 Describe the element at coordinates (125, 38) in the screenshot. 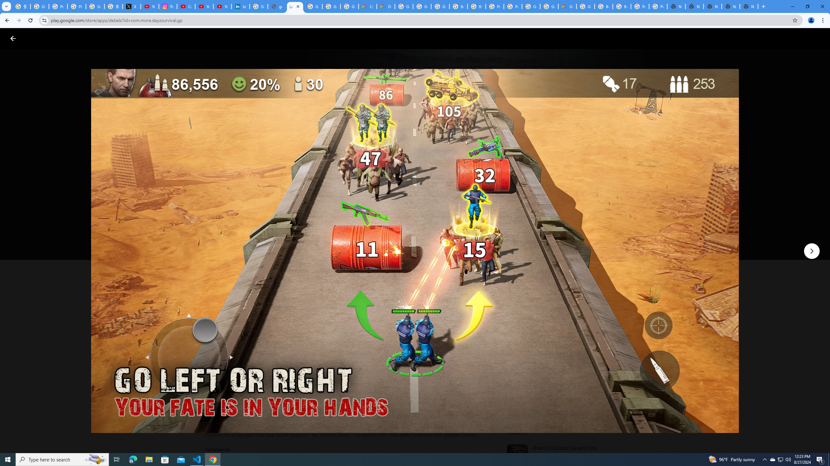

I see `'Kids'` at that location.